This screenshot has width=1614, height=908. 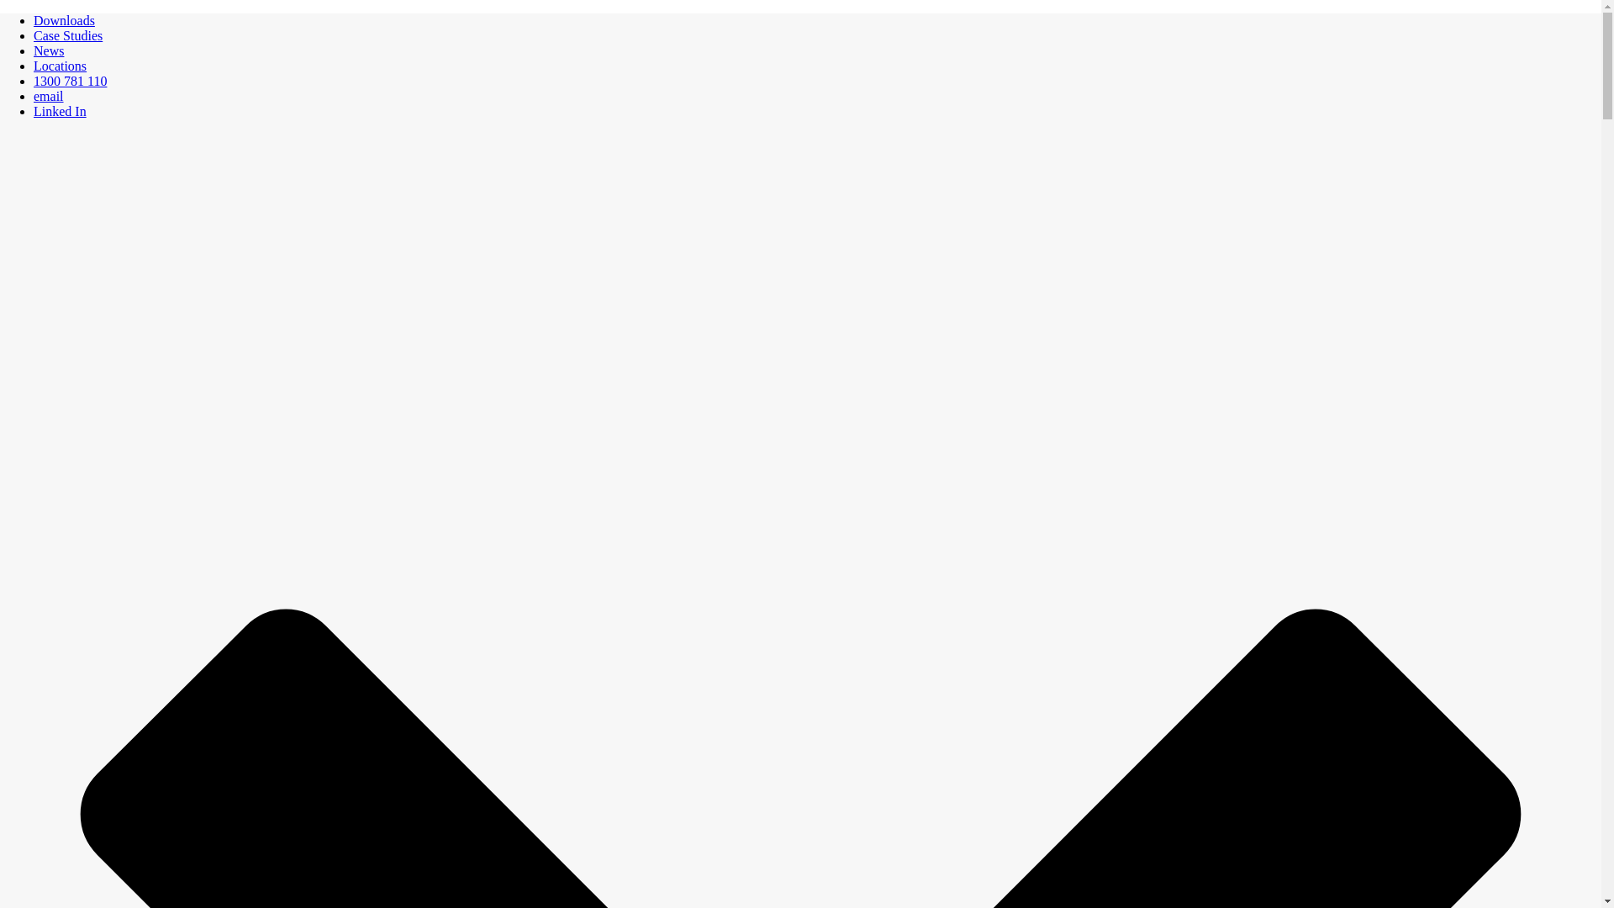 I want to click on 'email', so click(x=48, y=96).